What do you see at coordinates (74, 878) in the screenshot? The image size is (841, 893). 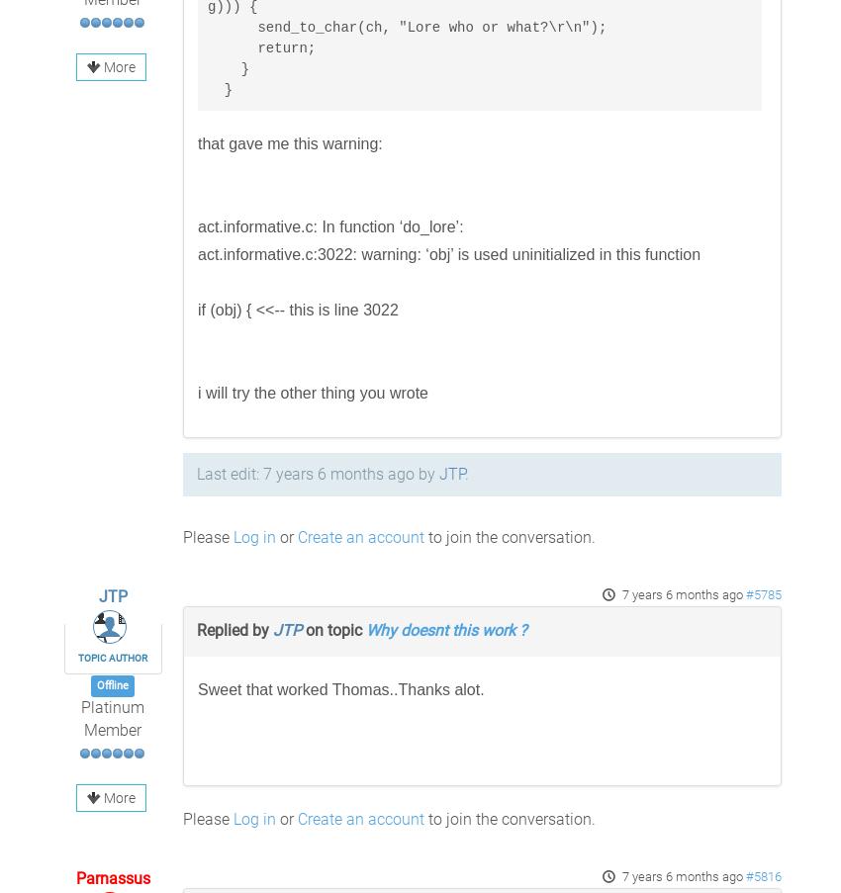 I see `'Parnassus'` at bounding box center [74, 878].